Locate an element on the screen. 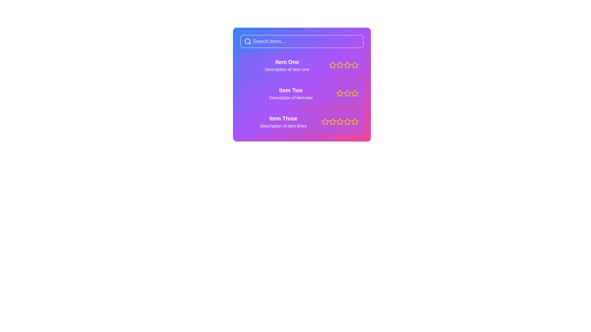  text label that serves as the title for the first content card, which is positioned at the top-left corner of the card, above the descriptive text and to the left of the rating stars is located at coordinates (287, 62).